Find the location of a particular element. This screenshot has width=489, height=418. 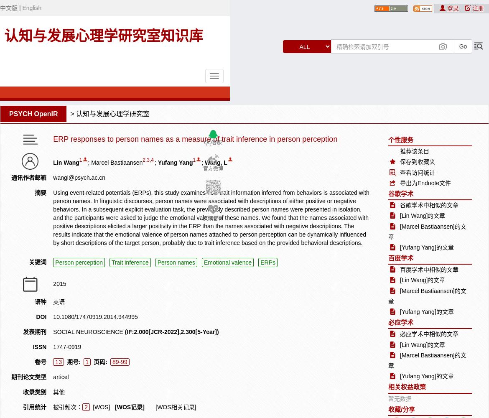

'articel' is located at coordinates (60, 377).